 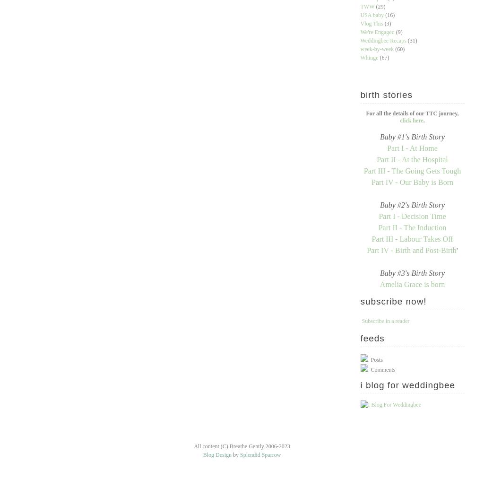 What do you see at coordinates (412, 284) in the screenshot?
I see `'Amelia Grace is born'` at bounding box center [412, 284].